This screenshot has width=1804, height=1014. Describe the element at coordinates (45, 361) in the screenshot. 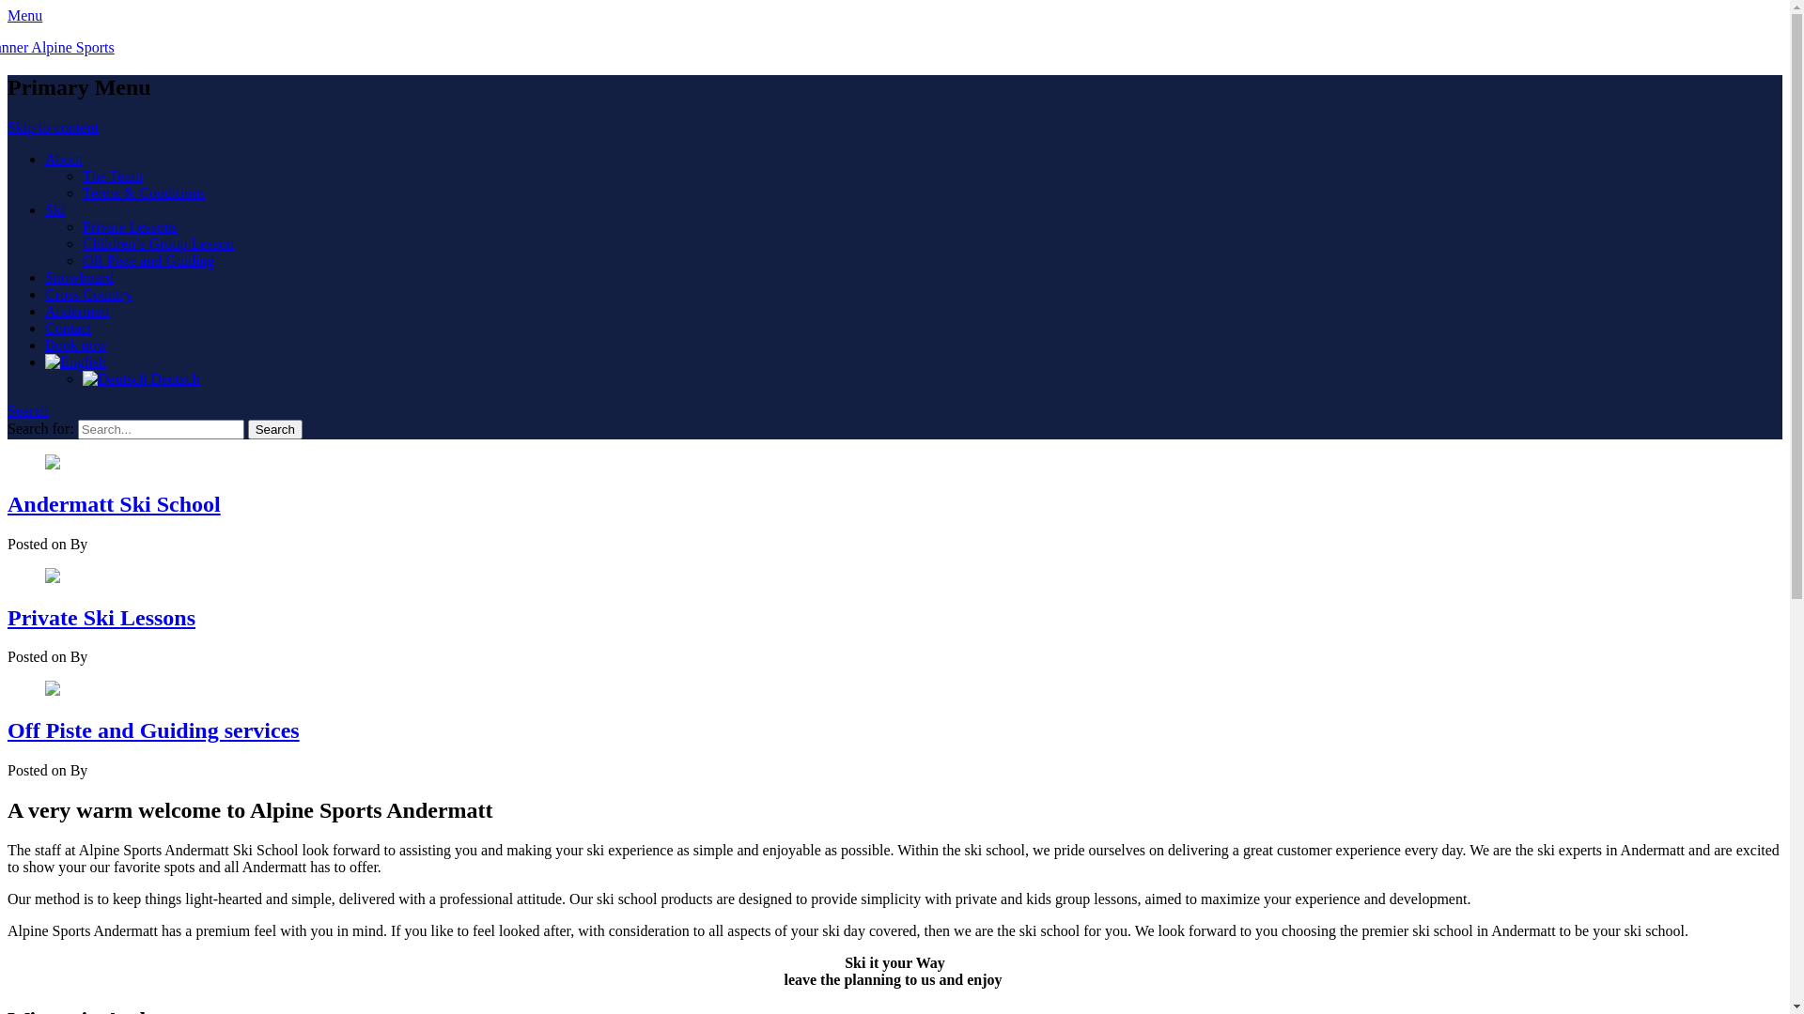

I see `'Language Menu'` at that location.